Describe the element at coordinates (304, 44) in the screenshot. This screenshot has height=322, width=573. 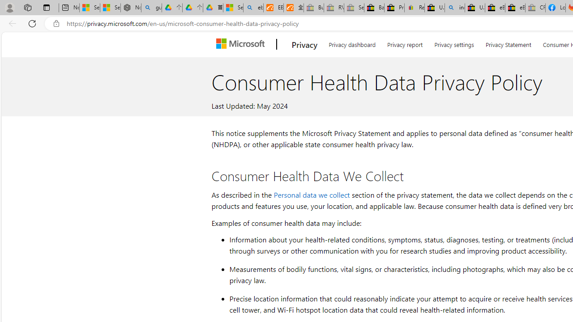
I see `'Privacy'` at that location.